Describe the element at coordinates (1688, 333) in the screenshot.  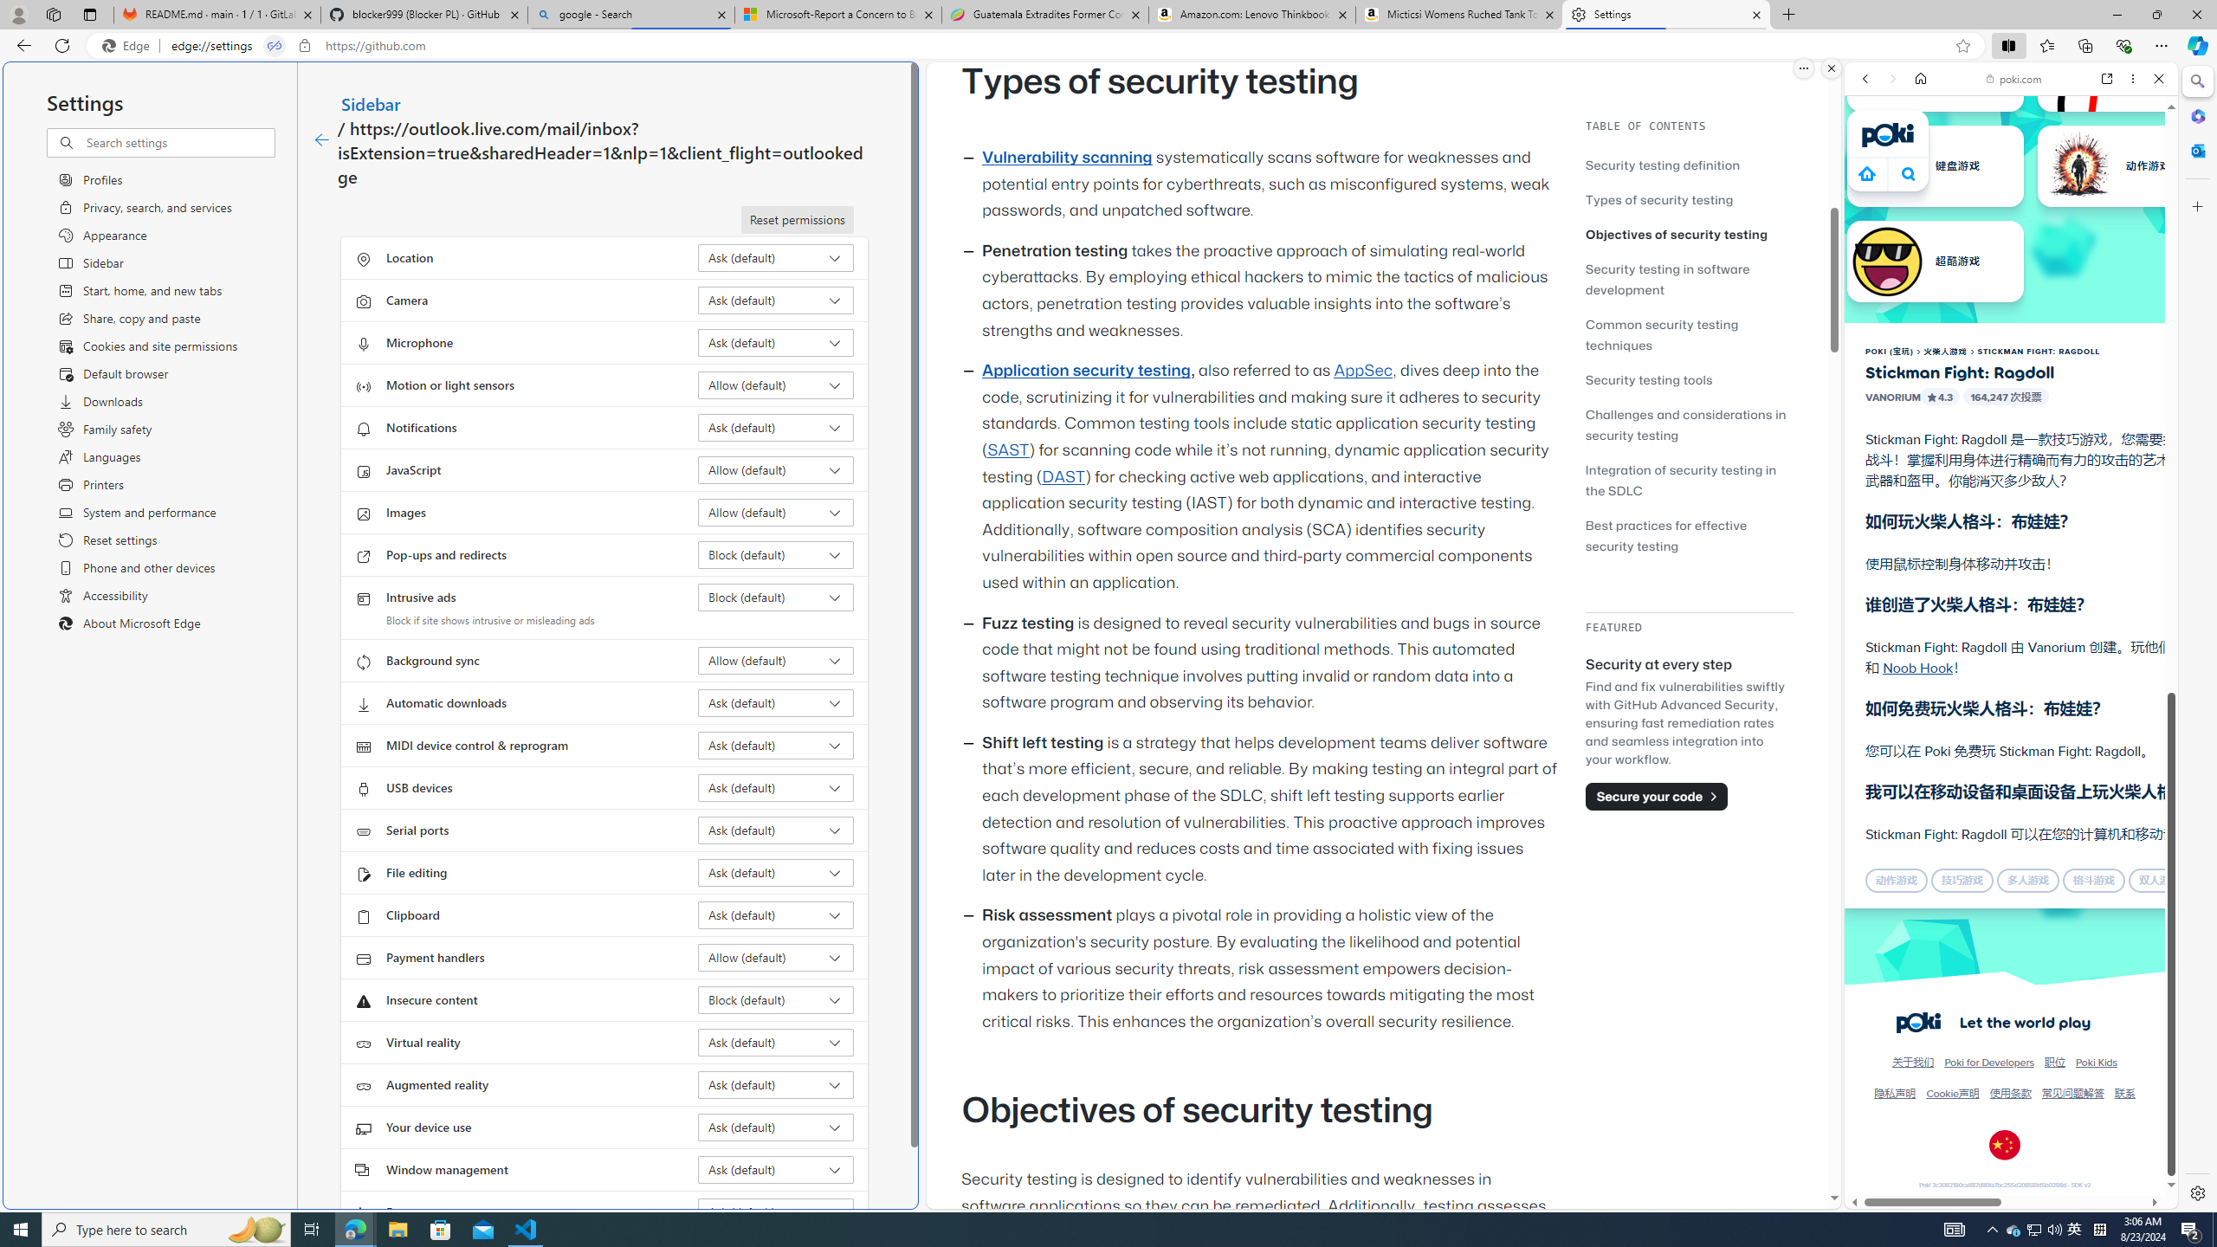
I see `'Common security testing techniques'` at that location.